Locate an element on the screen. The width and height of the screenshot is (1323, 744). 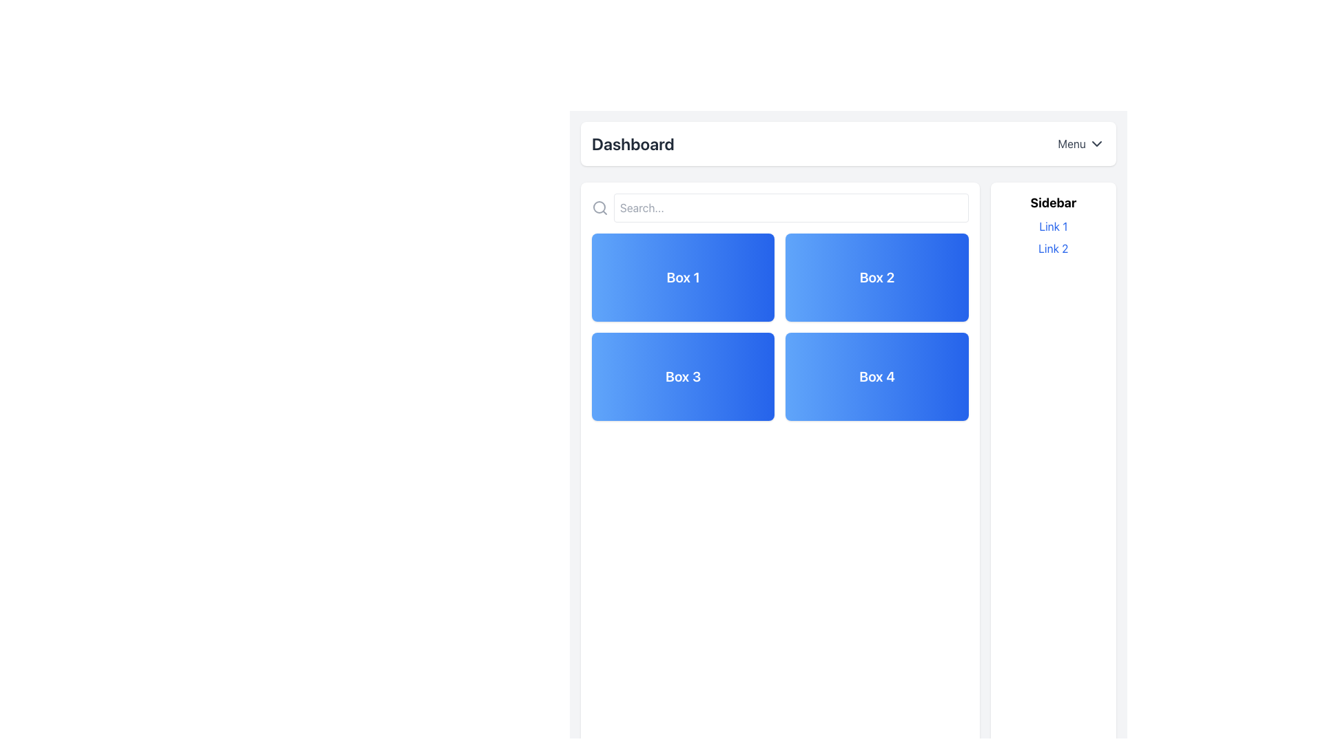
the Dropdown indicator icon located to the right of the 'Menu' text in the top-right region of the interface to trigger a tooltip is located at coordinates (1096, 143).